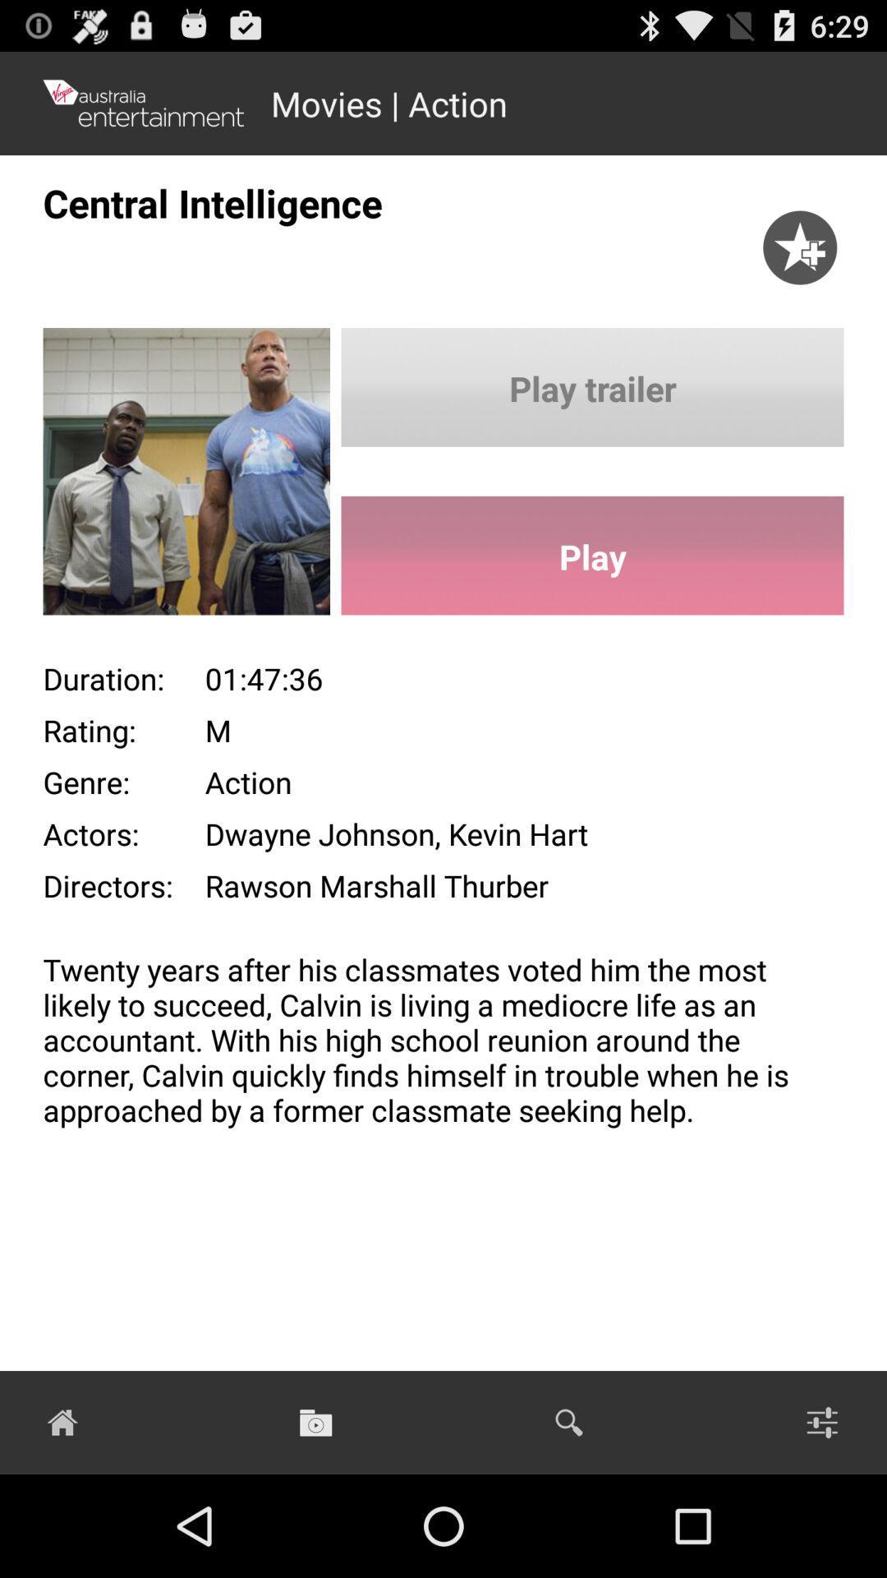 Image resolution: width=887 pixels, height=1578 pixels. I want to click on button above play icon, so click(592, 386).